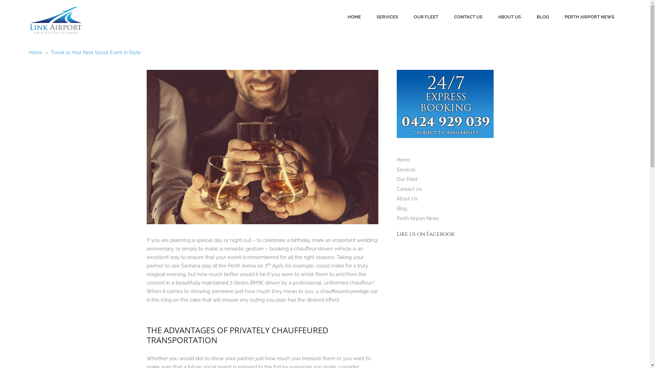  Describe the element at coordinates (409, 189) in the screenshot. I see `'Contact Us'` at that location.